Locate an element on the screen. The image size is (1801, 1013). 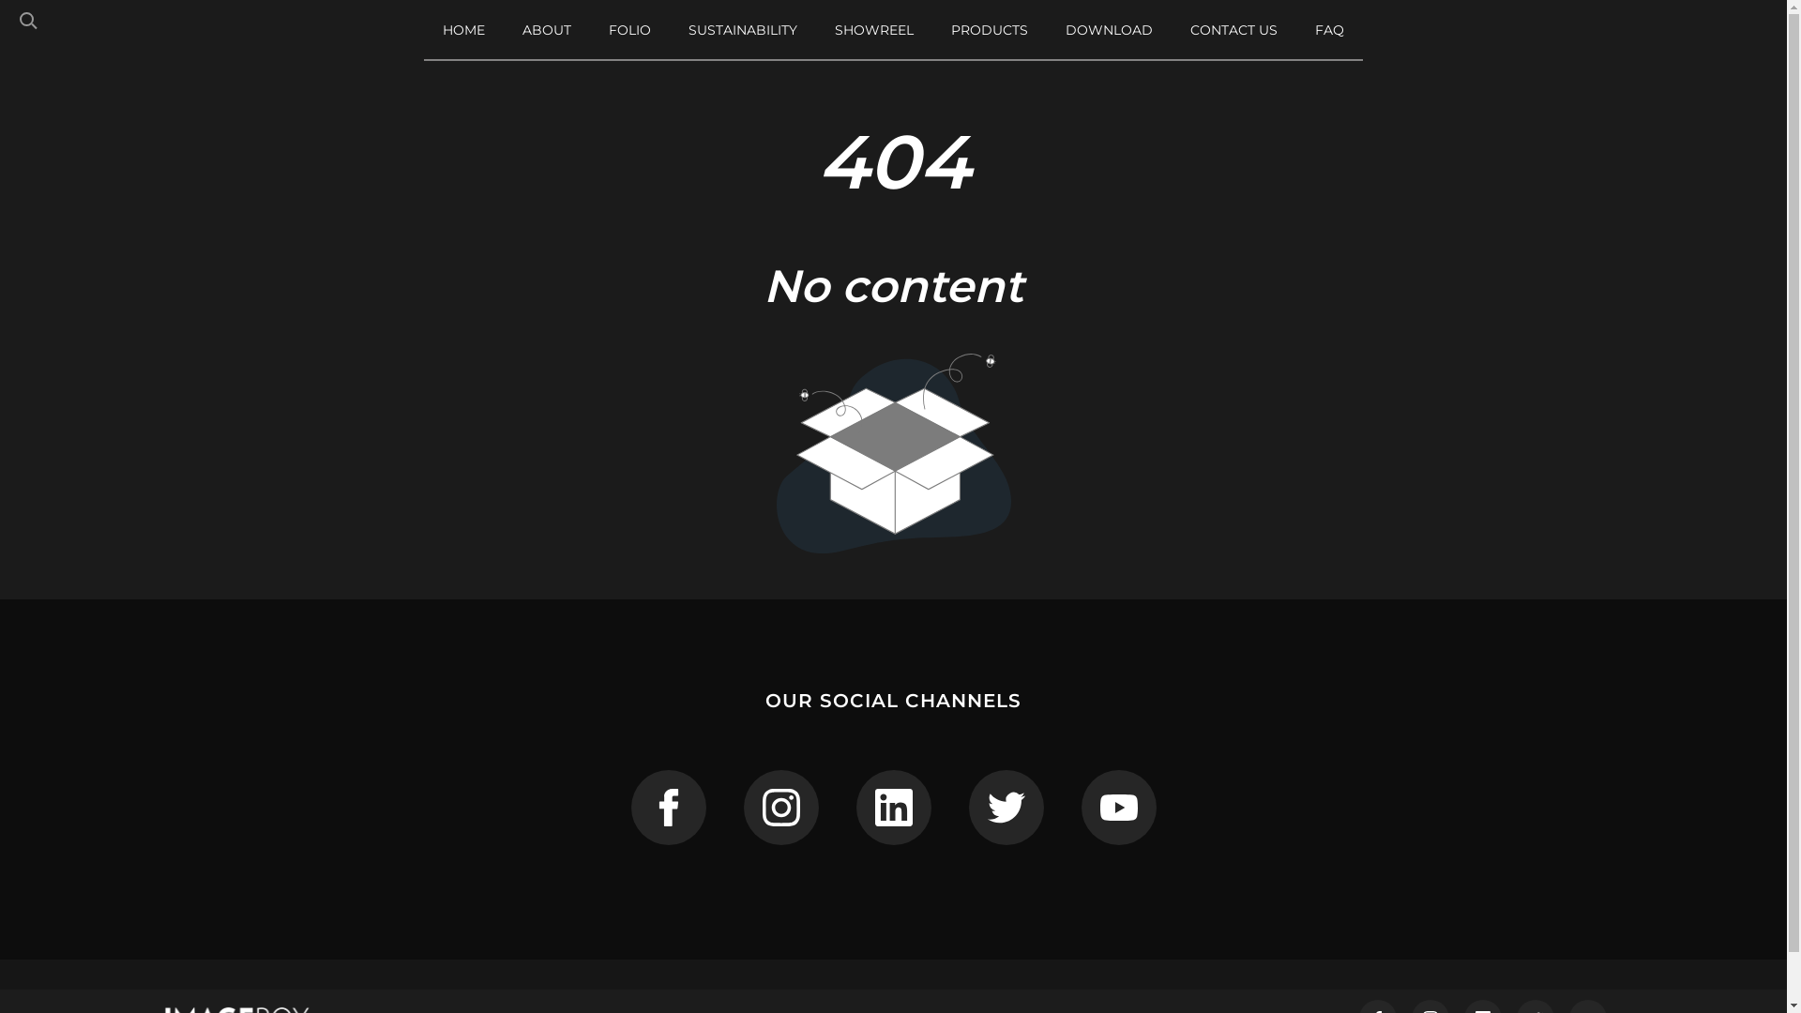
'ImageBox on Youtube' is located at coordinates (1117, 806).